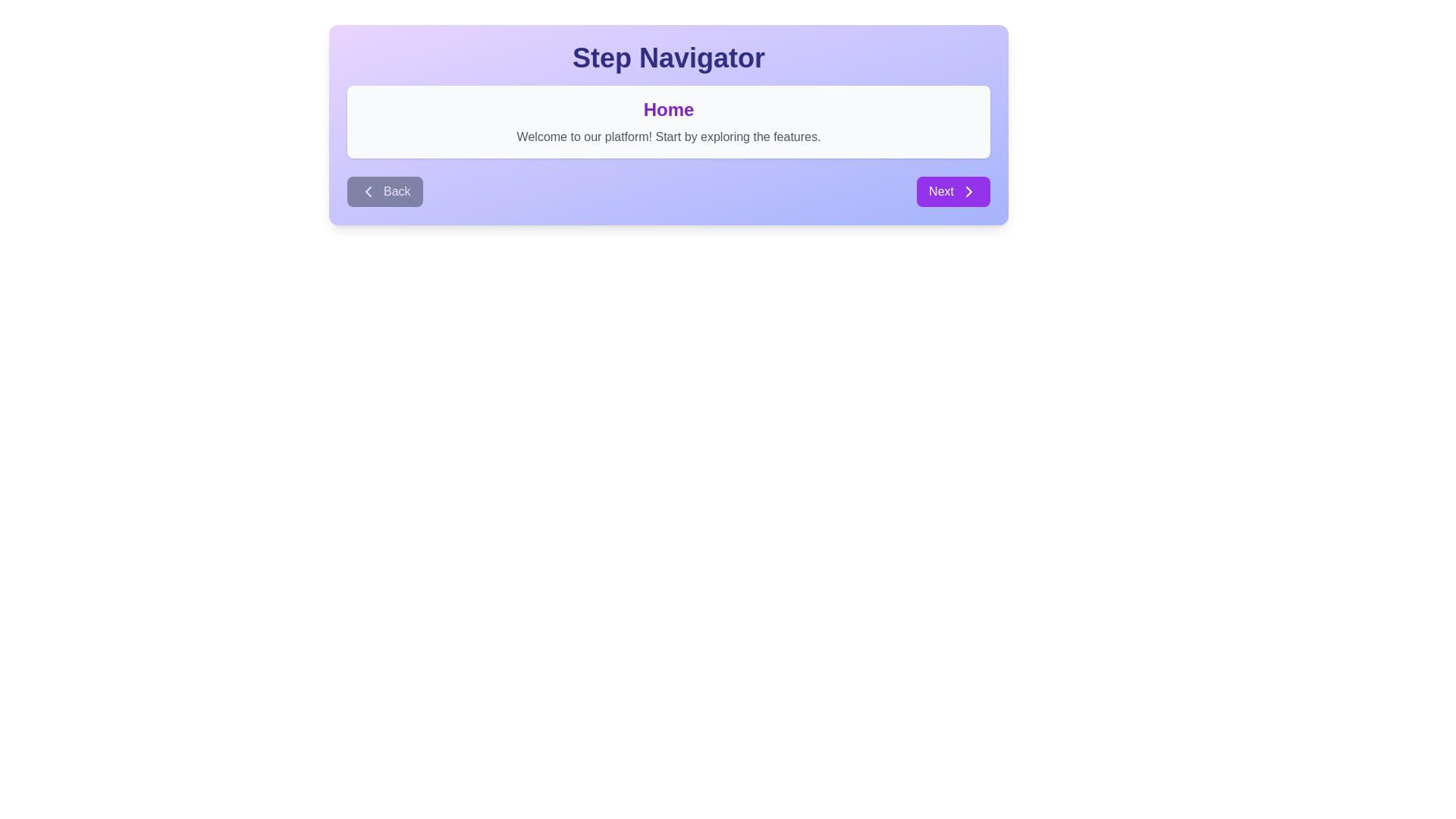 This screenshot has width=1456, height=819. Describe the element at coordinates (952, 191) in the screenshot. I see `the purple 'Next' button with rounded corners located in the bottom-right section of the main navigation control area` at that location.